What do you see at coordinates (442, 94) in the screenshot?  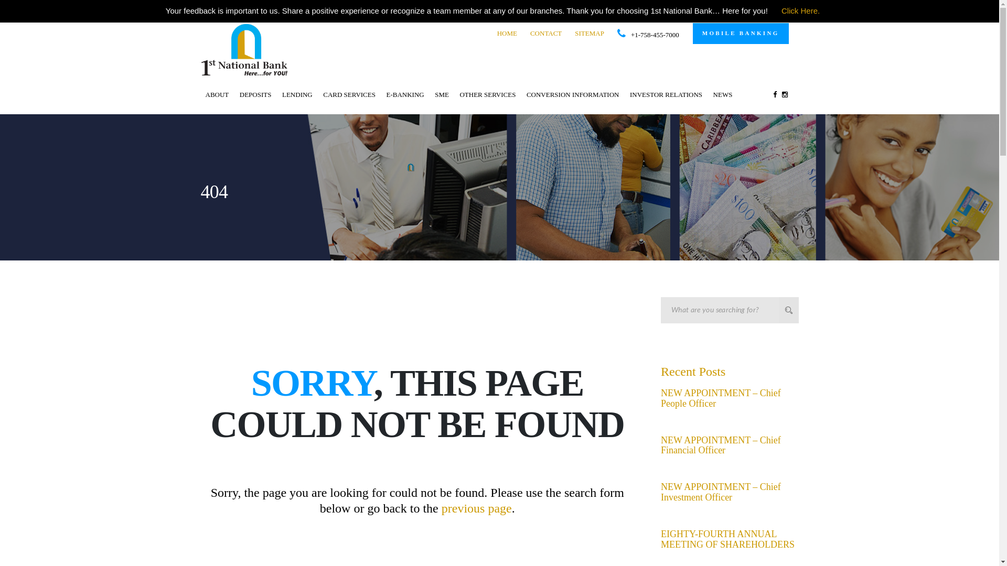 I see `'SME'` at bounding box center [442, 94].